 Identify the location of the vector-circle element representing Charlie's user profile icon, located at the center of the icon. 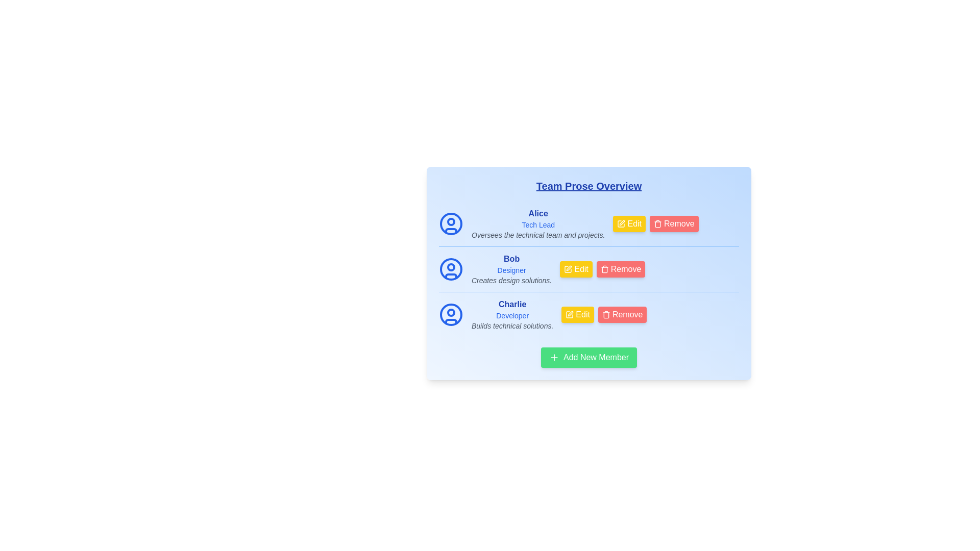
(450, 314).